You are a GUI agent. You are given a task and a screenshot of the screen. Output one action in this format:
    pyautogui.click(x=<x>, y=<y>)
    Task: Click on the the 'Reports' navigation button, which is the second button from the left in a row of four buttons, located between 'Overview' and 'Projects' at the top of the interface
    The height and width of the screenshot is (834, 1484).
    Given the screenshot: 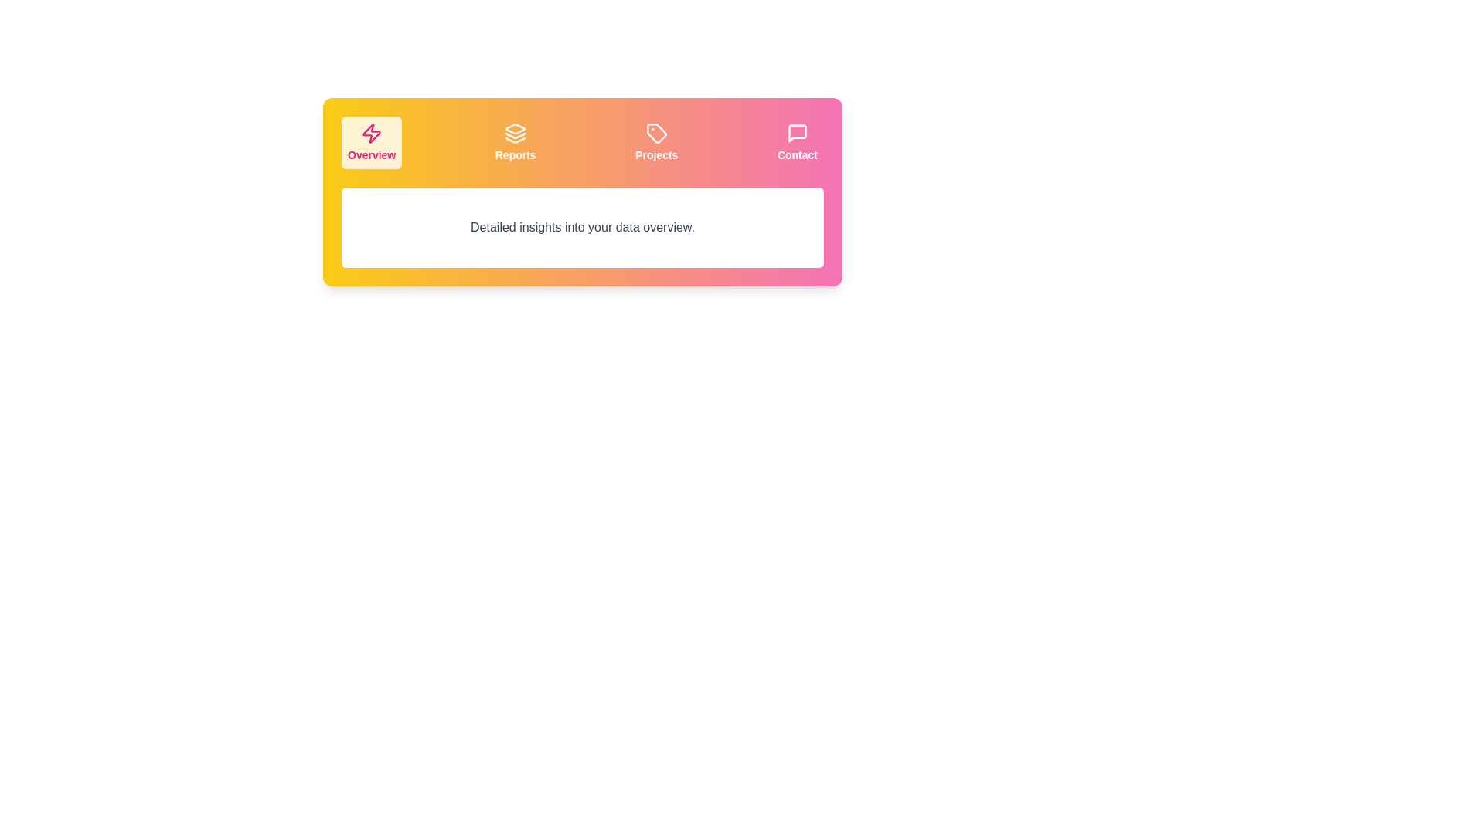 What is the action you would take?
    pyautogui.click(x=516, y=143)
    